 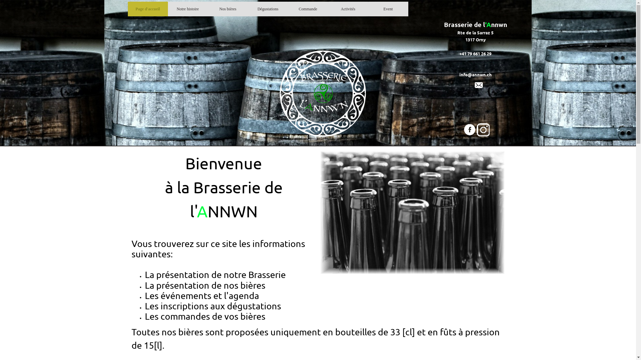 What do you see at coordinates (187, 9) in the screenshot?
I see `'Notre histoire'` at bounding box center [187, 9].